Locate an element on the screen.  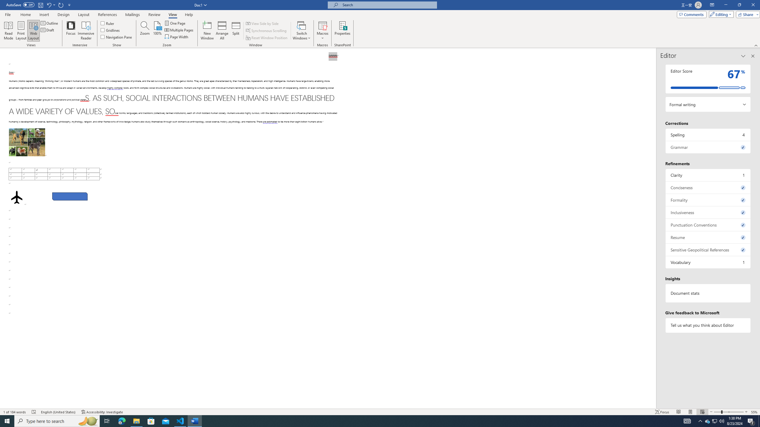
'Arrange All' is located at coordinates (222, 31).